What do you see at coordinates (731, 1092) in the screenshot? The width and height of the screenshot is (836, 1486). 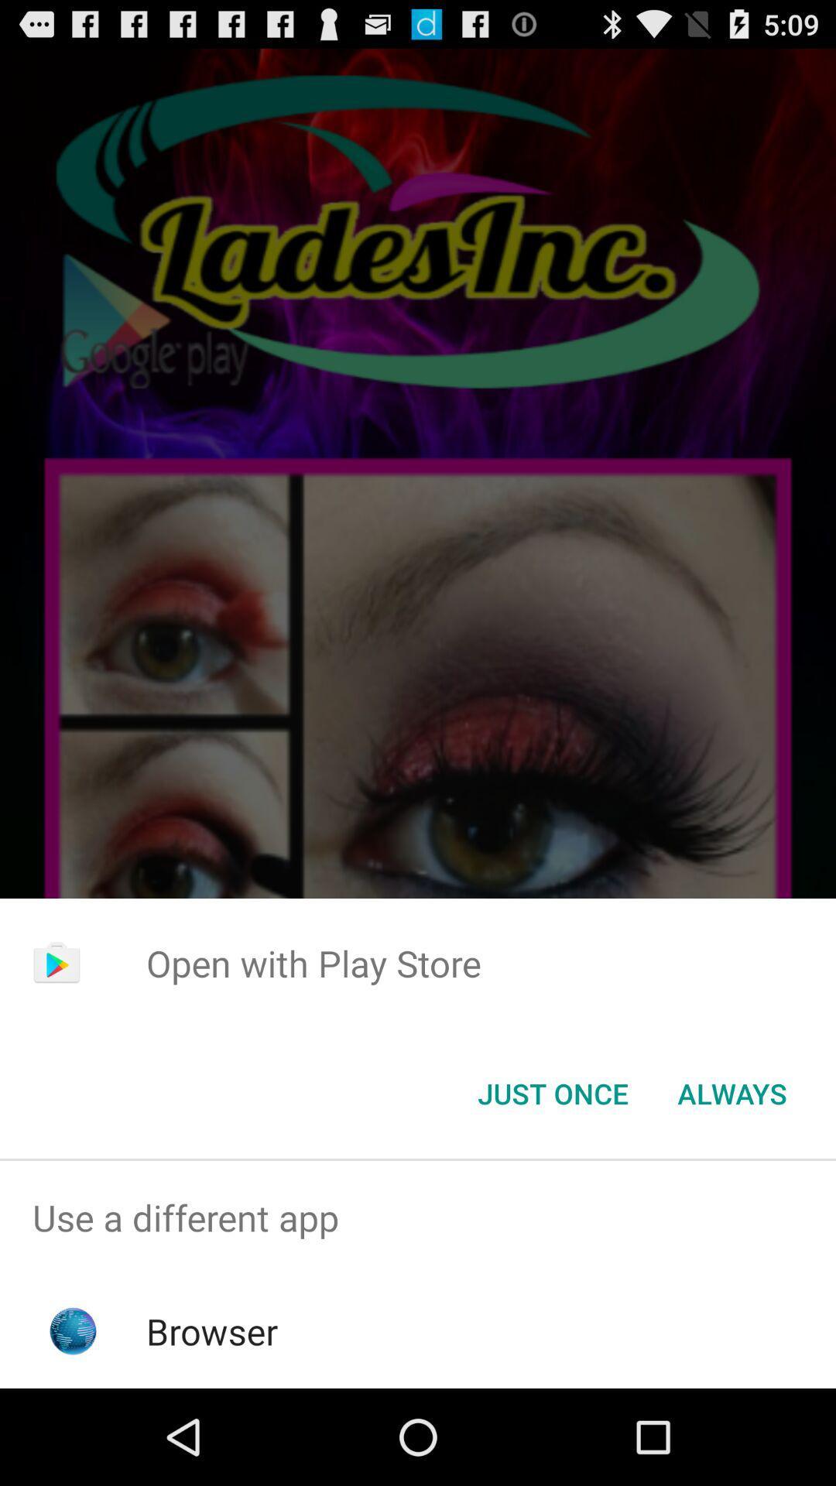 I see `item to the right of just once icon` at bounding box center [731, 1092].